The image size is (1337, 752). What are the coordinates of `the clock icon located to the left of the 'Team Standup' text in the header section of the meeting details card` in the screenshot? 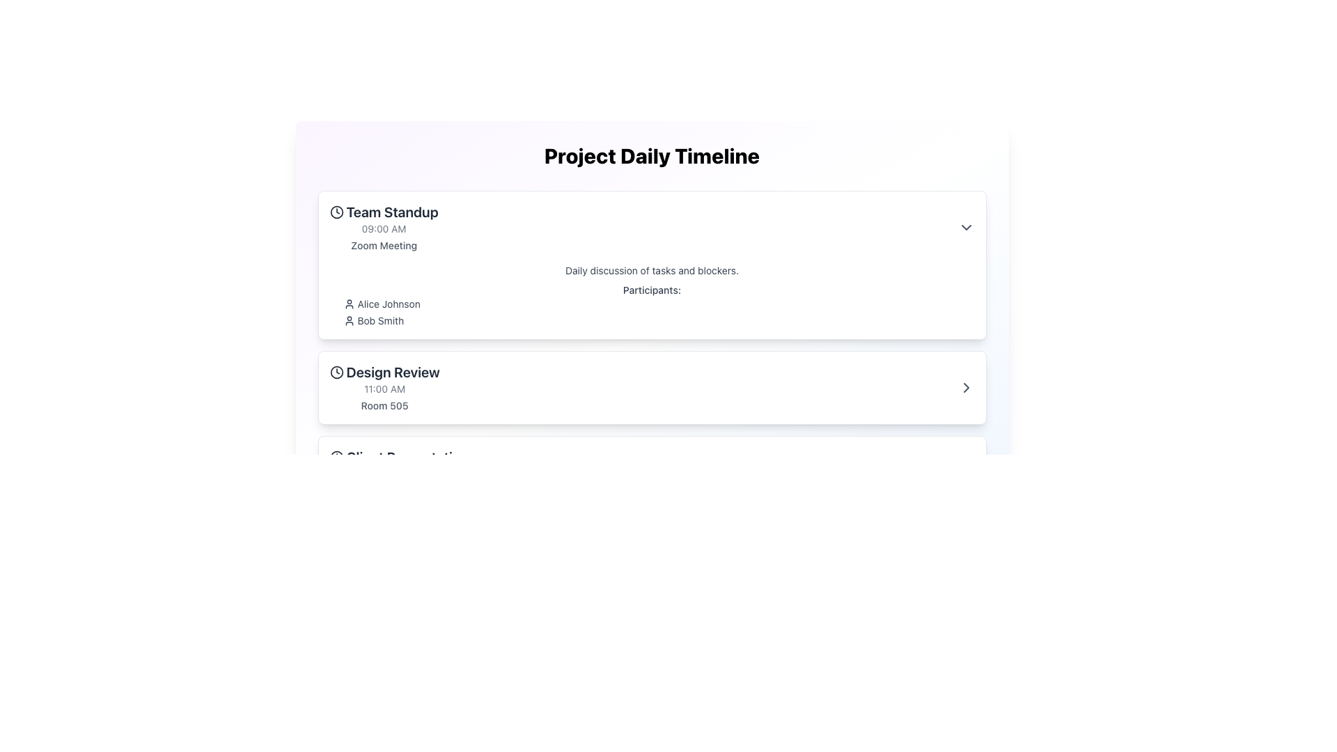 It's located at (336, 212).